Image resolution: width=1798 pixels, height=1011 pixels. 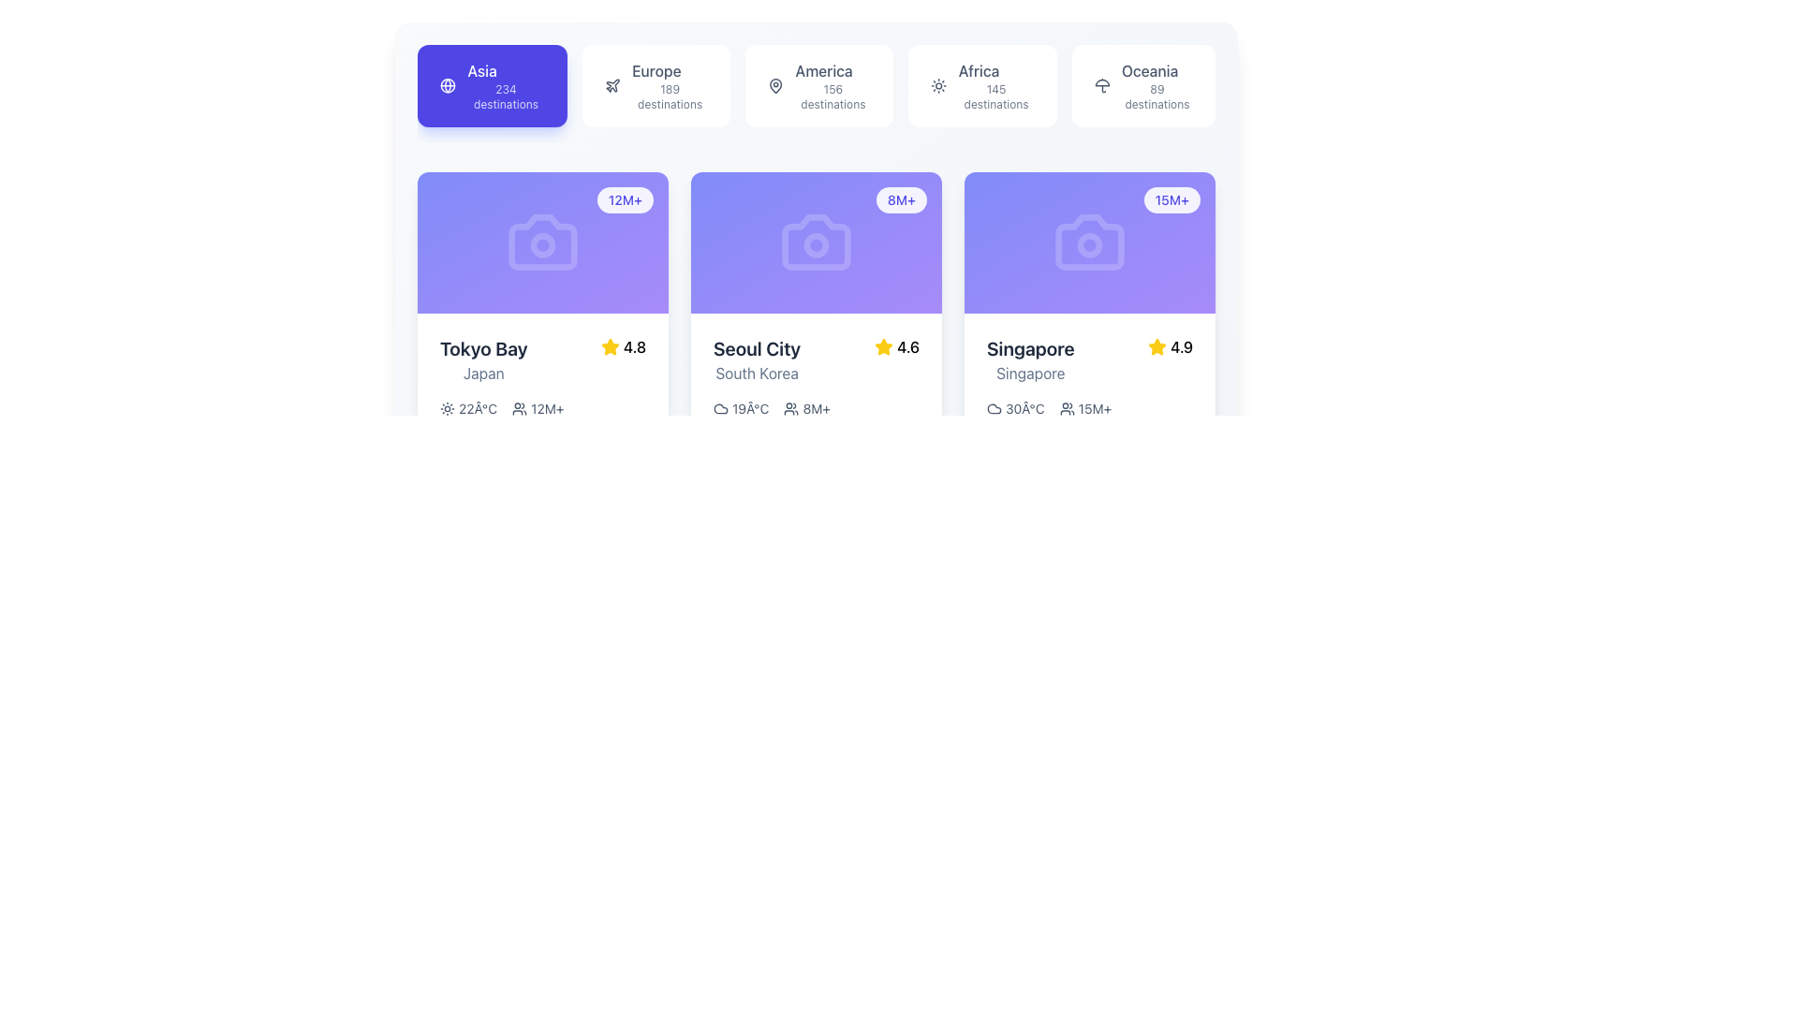 What do you see at coordinates (740, 407) in the screenshot?
I see `text element displaying the temperature '19°C', which is located within the 'Seoul City South Korea' card, positioned under the city name and above the population detail` at bounding box center [740, 407].